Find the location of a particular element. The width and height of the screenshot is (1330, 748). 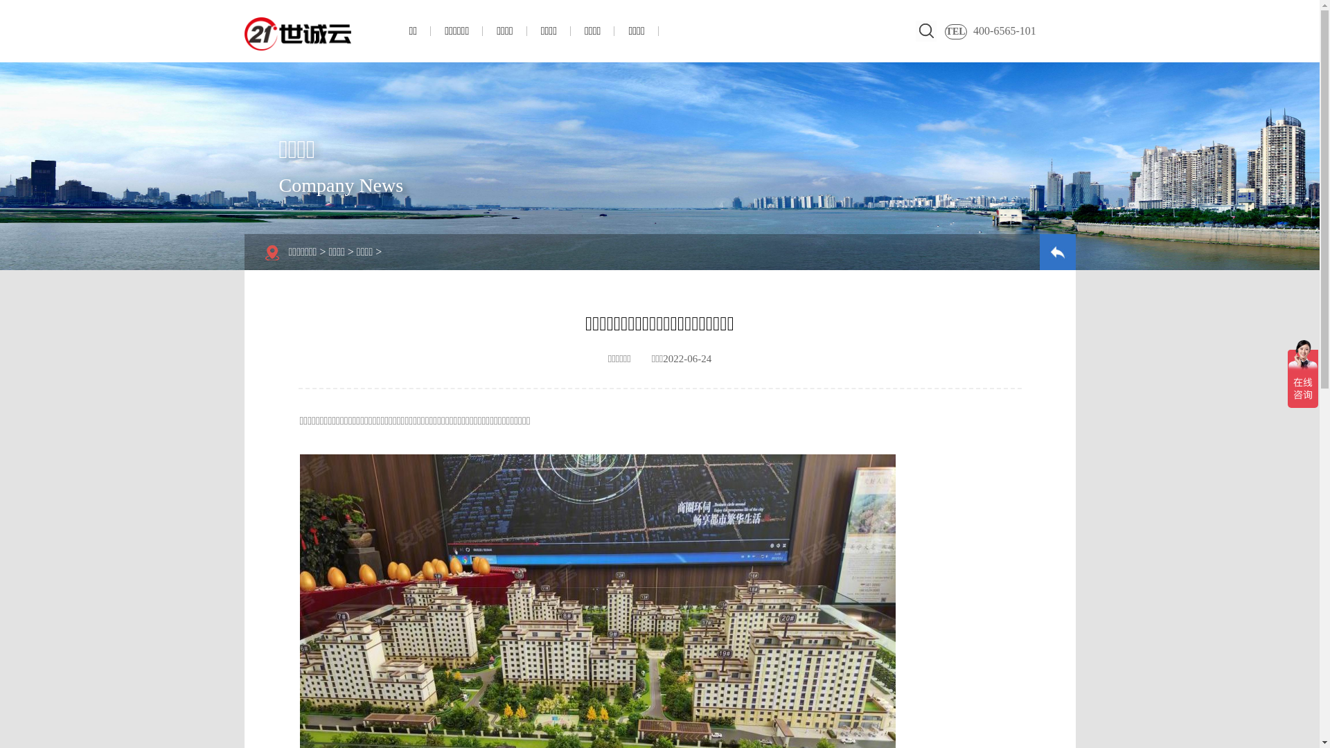

'400-6565-101' is located at coordinates (1013, 31).